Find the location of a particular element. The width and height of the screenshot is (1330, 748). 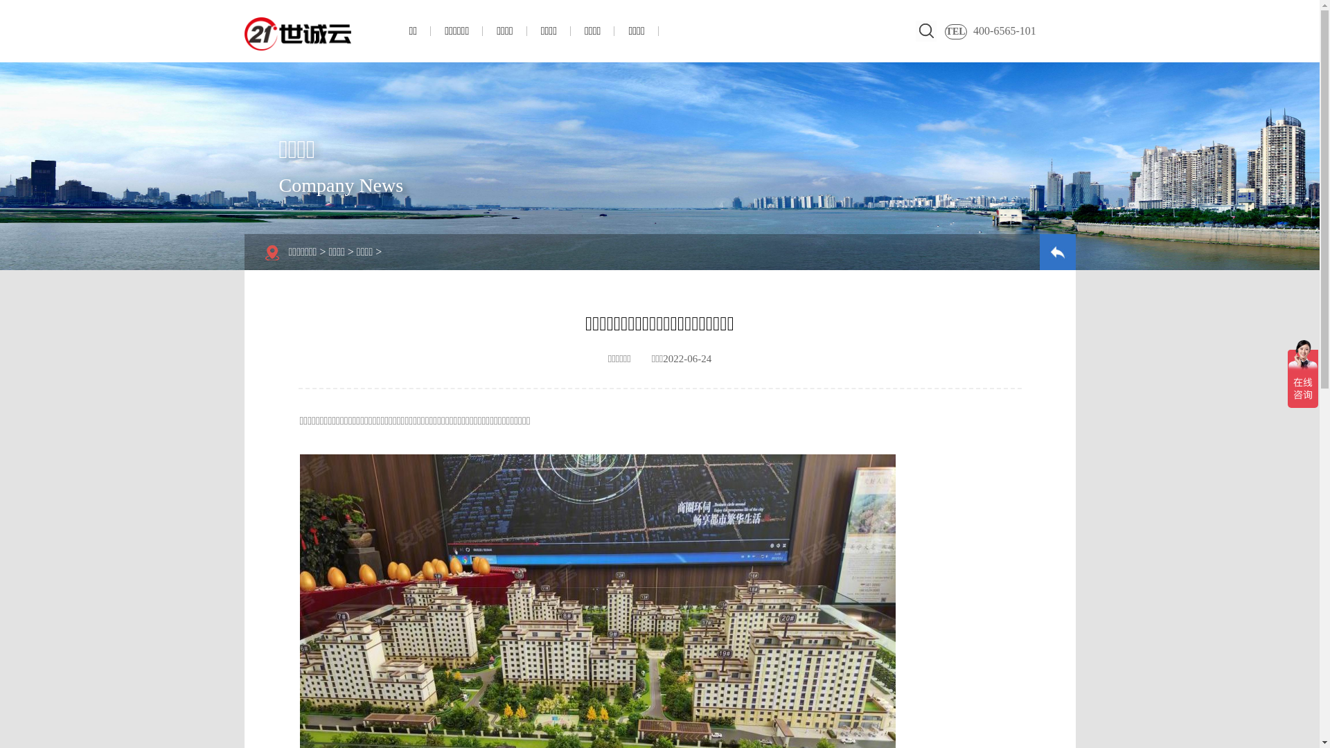

'400-6565-101' is located at coordinates (1013, 31).